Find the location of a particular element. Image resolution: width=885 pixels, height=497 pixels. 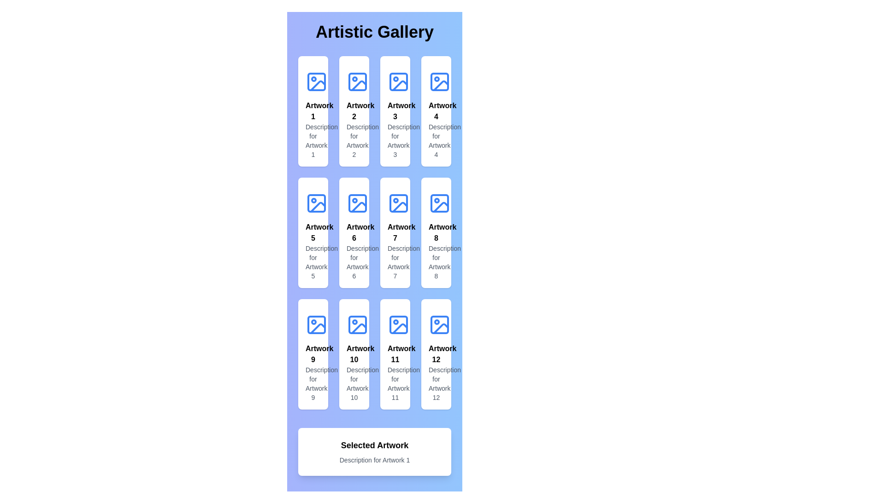

the text label that reads 'Description for Artwork 12', which is styled in small, centered gray text and located below the bold text 'Artwork 12' in the grid layout is located at coordinates (436, 383).